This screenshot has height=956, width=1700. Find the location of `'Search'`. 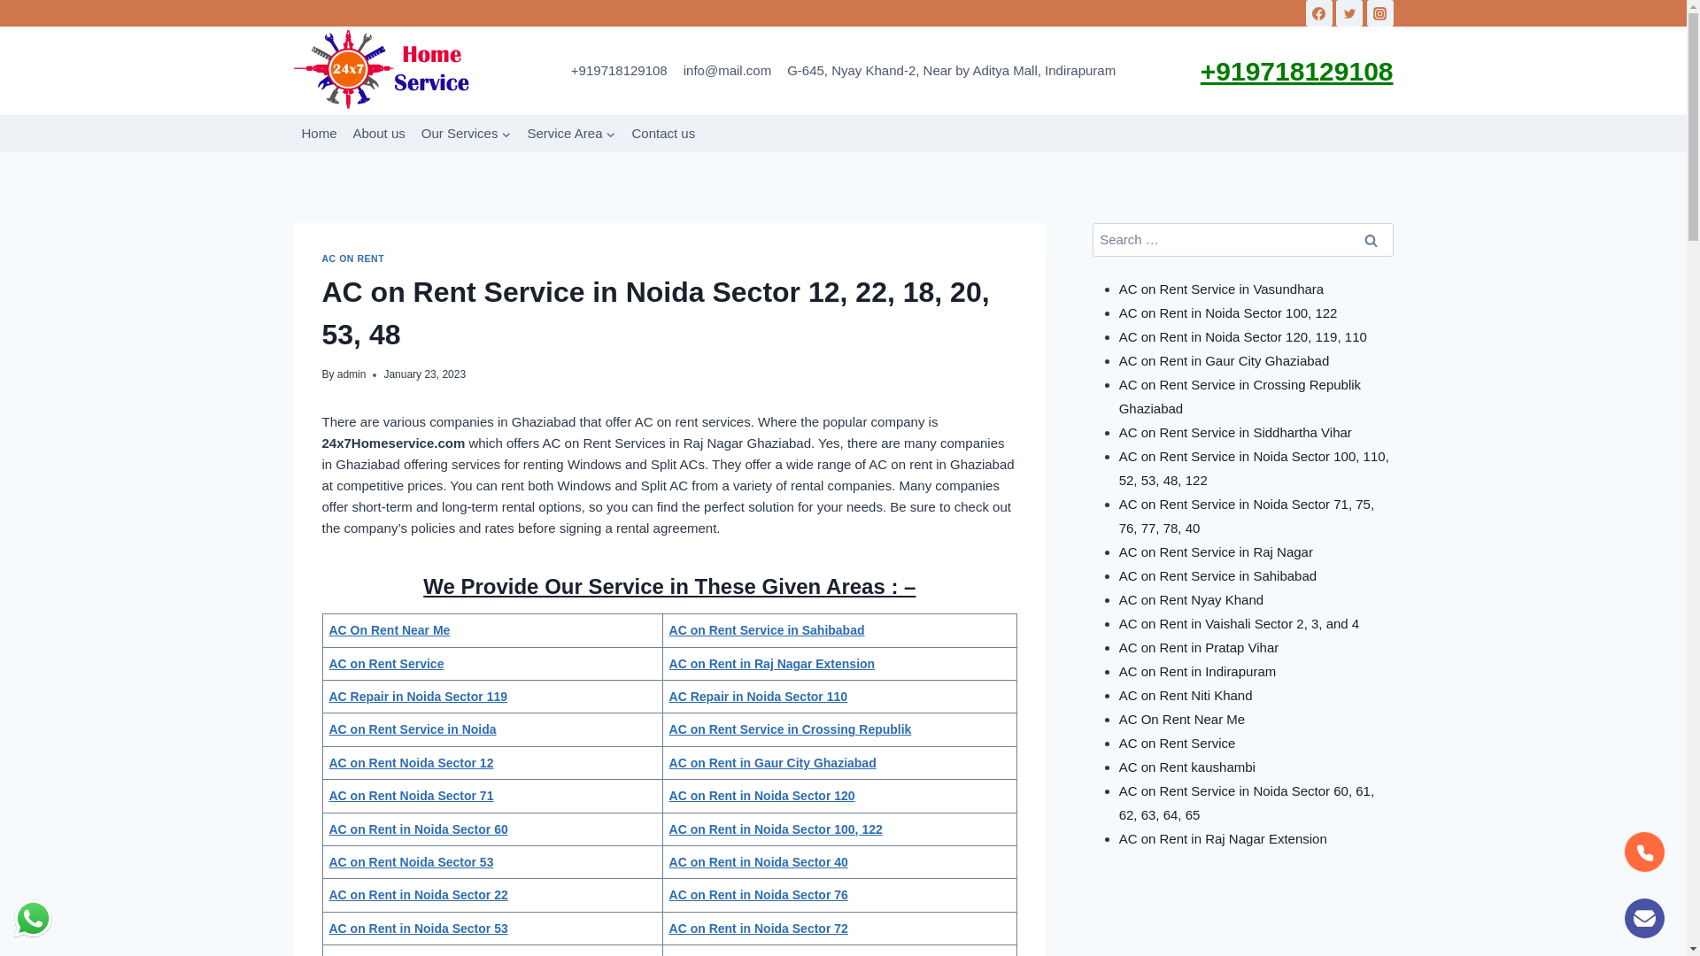

'Search' is located at coordinates (1348, 239).